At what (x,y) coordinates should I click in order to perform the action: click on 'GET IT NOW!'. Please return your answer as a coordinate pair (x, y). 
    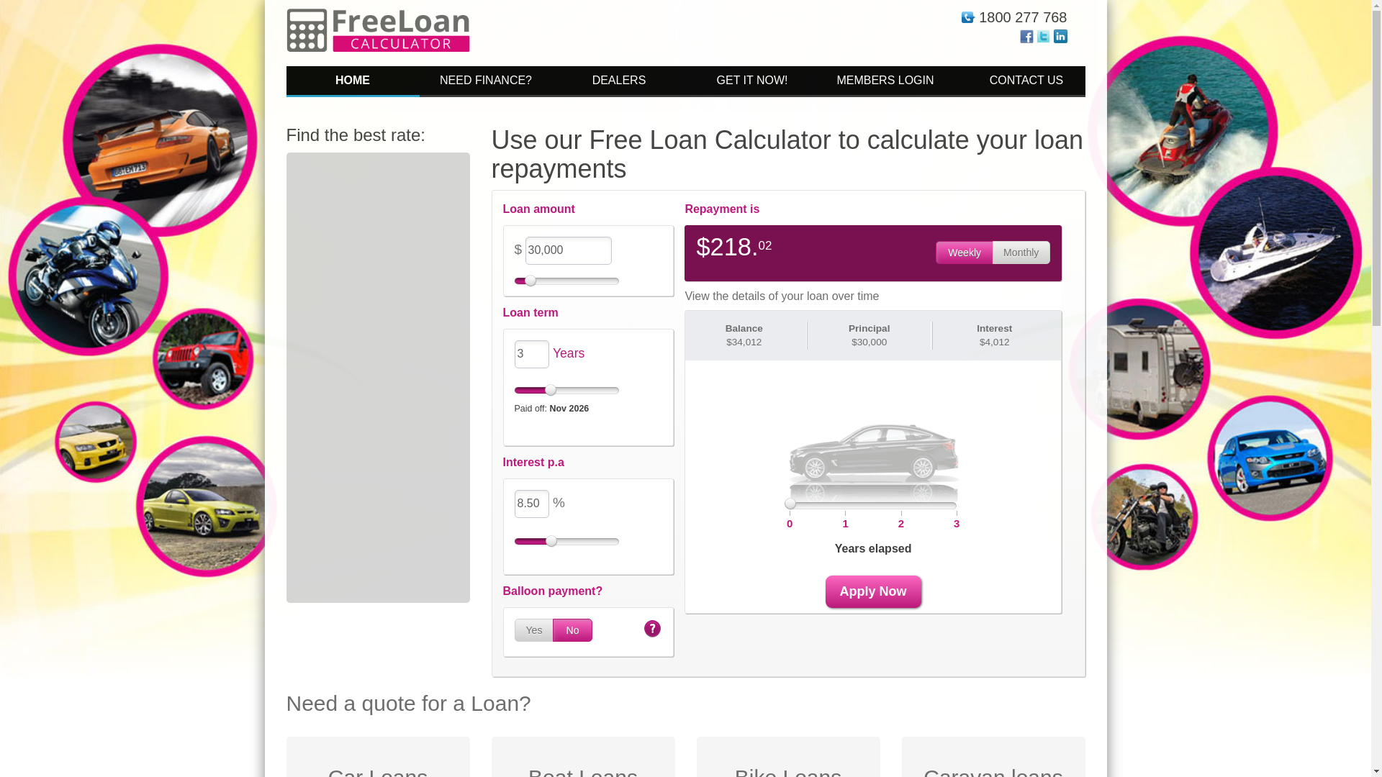
    Looking at the image, I should click on (751, 81).